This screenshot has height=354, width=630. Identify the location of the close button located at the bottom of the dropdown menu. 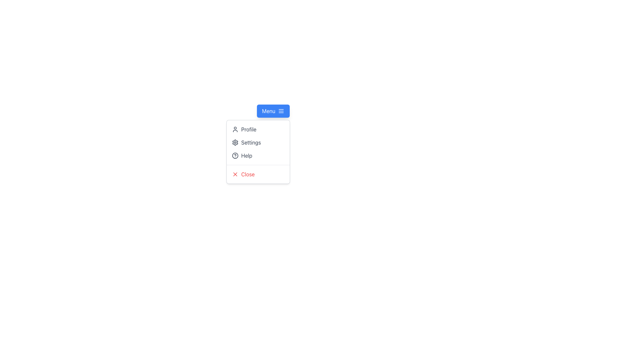
(258, 174).